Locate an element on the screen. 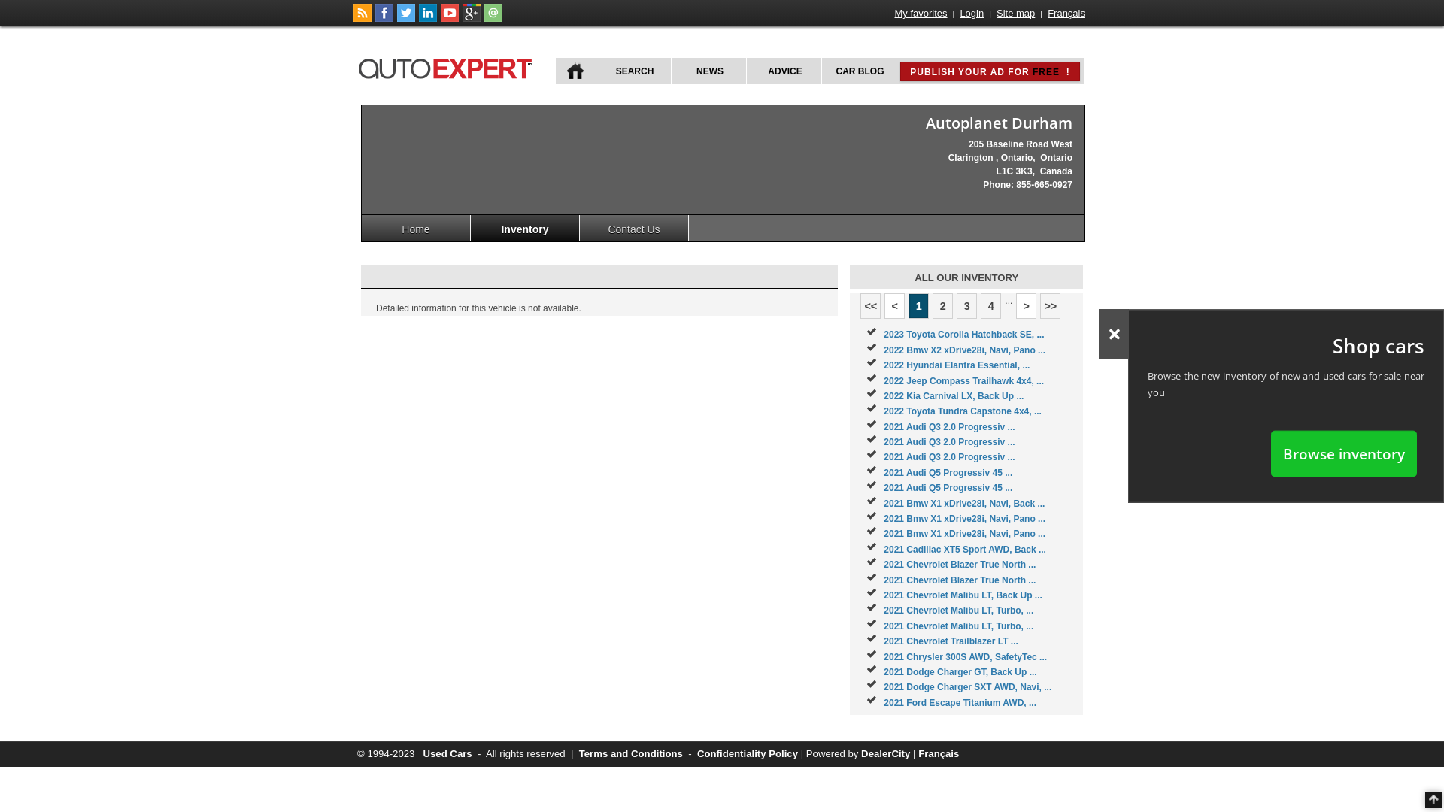  'Follow autoExpert.ca on Youtube' is located at coordinates (449, 18).